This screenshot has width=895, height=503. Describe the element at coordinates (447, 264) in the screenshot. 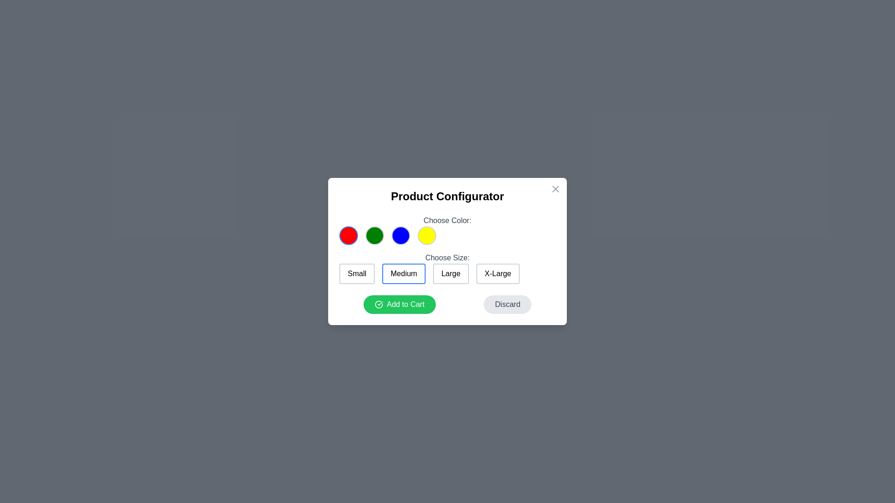

I see `the 'Large' size button located below the color selection section in the product configurator modal` at that location.